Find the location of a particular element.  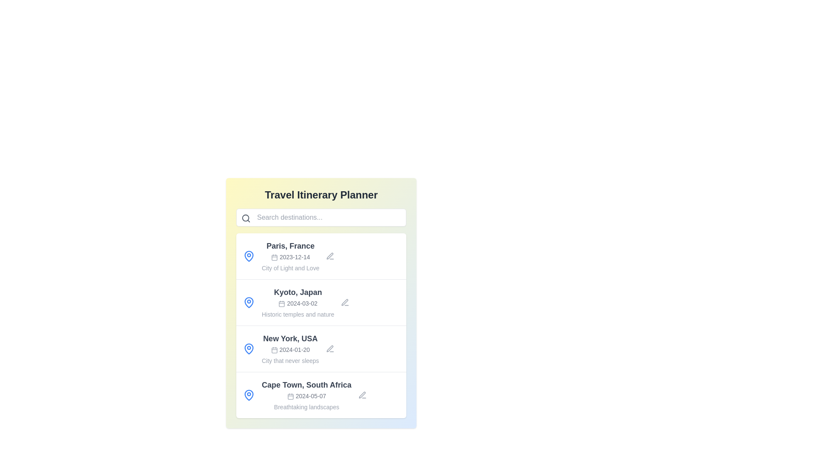

the decorative icon located to the left of the date text '2024-01-20' within the third destination information card is located at coordinates (274, 350).